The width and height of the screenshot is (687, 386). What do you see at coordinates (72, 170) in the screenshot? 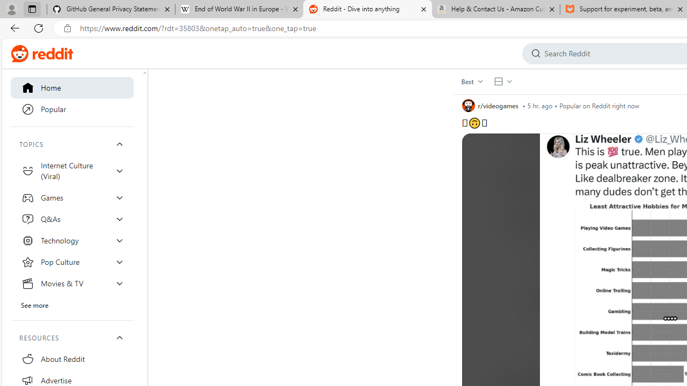
I see `'Internet Culture (Viral)'` at bounding box center [72, 170].